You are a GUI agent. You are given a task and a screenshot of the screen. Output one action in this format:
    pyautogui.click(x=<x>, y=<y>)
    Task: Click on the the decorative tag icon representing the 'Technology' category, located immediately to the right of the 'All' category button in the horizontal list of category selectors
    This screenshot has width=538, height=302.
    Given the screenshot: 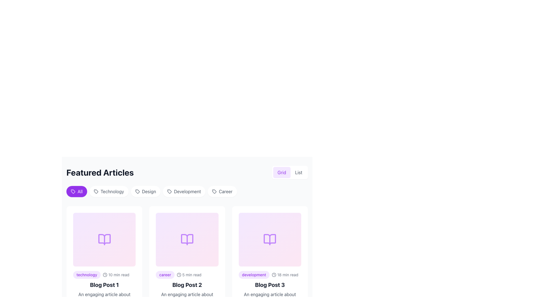 What is the action you would take?
    pyautogui.click(x=96, y=191)
    